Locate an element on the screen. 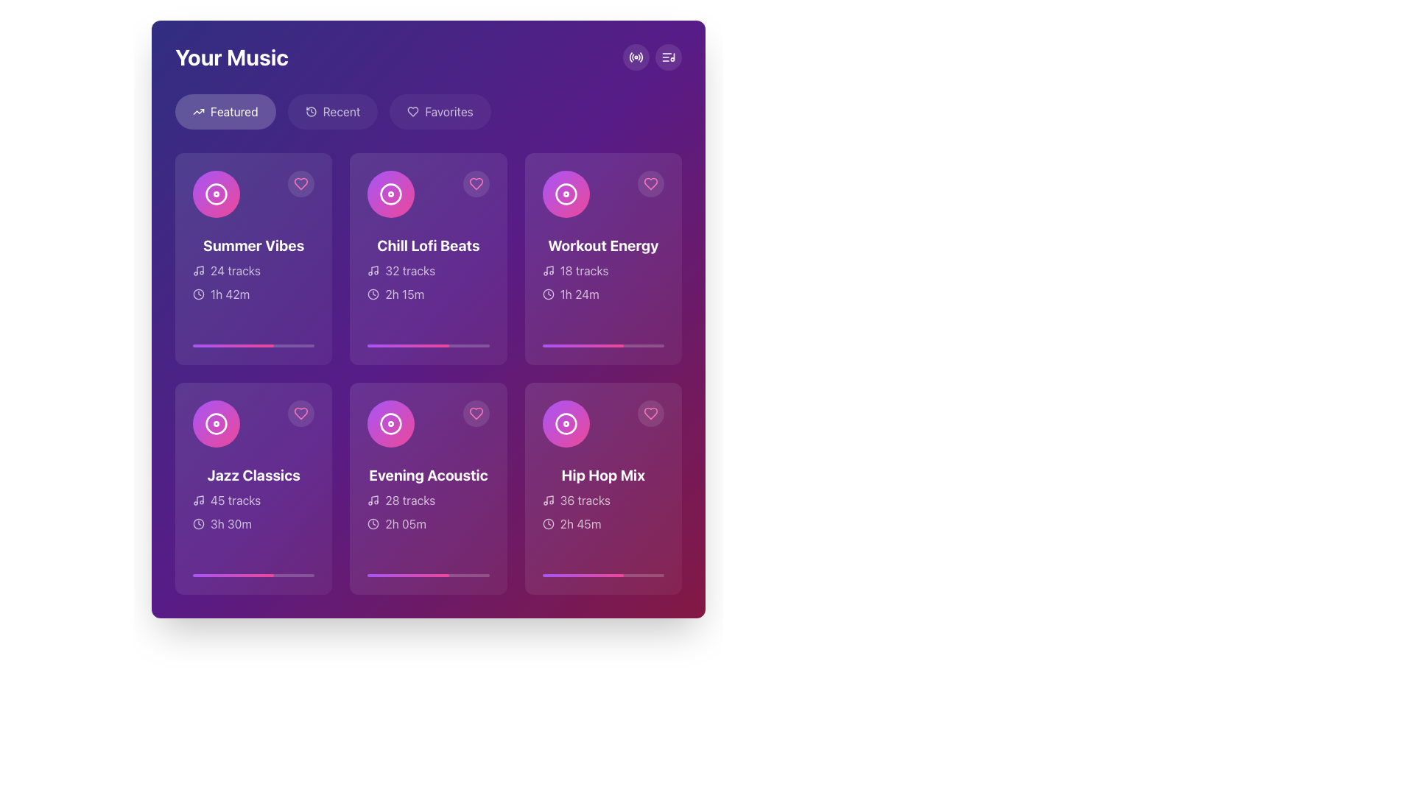 This screenshot has height=795, width=1414. text content of the bold and large white font label displaying 'Summer Vibes' located in the top-left card of the music playlist grid under the 'Featured' tab is located at coordinates (253, 245).